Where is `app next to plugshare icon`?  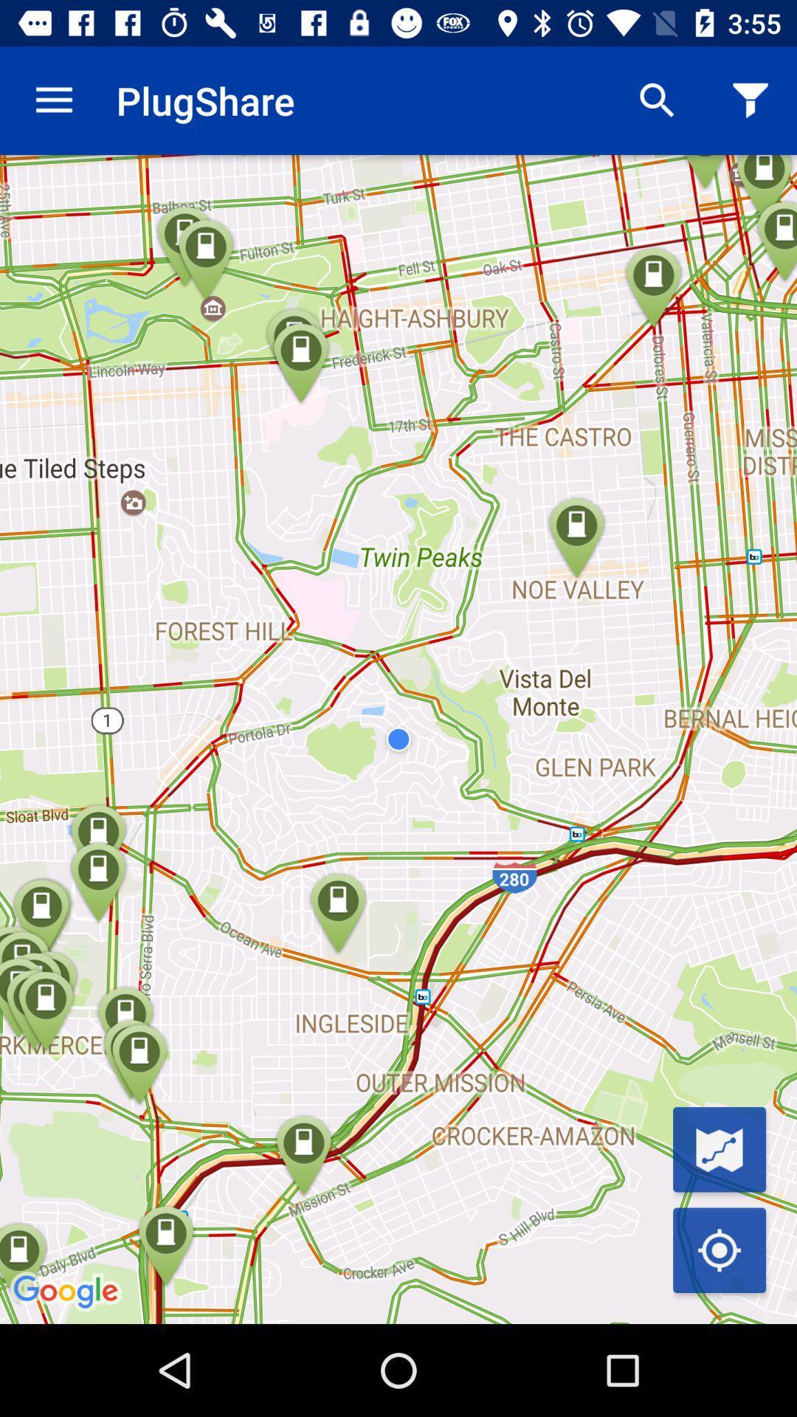
app next to plugshare icon is located at coordinates (657, 100).